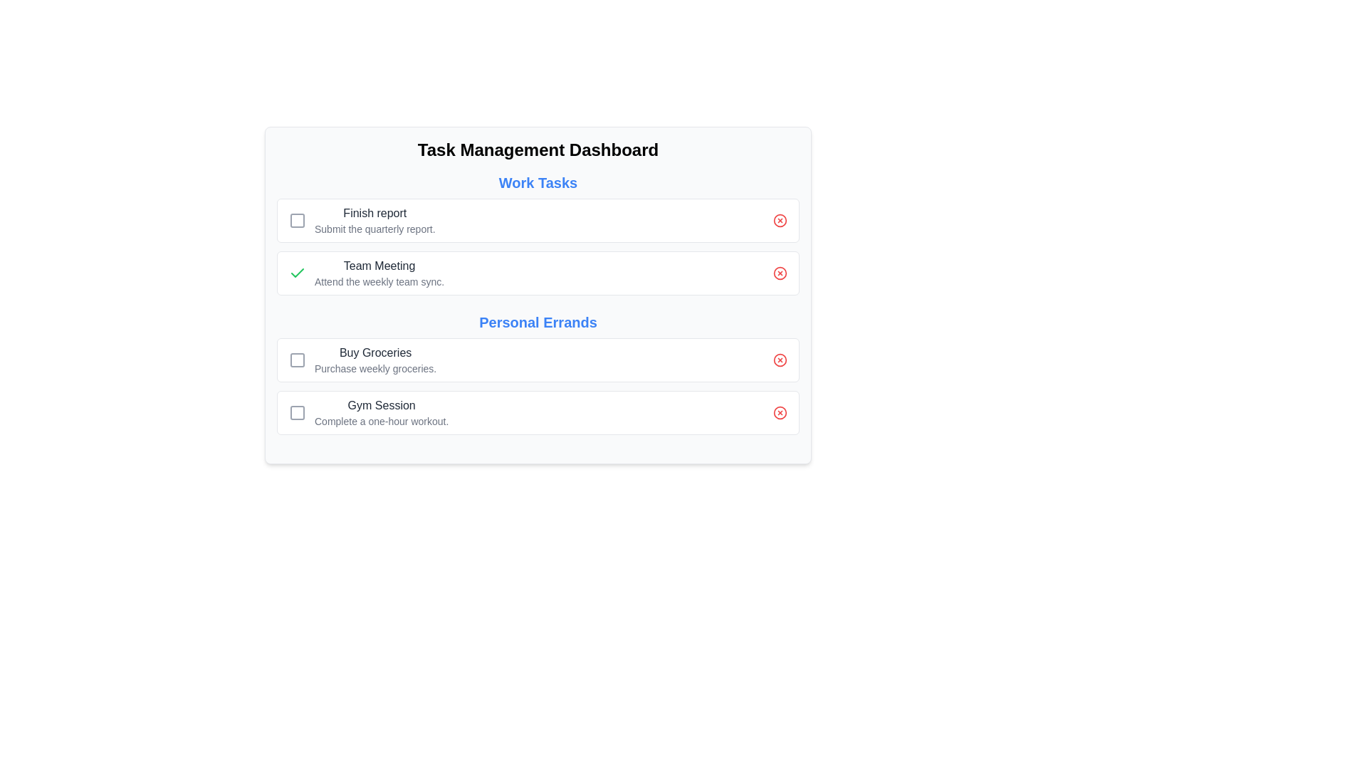 This screenshot has width=1367, height=769. Describe the element at coordinates (362, 359) in the screenshot. I see `task details of the List item titled 'Buy Groceries' with an embedded checkbox and supporting text 'Purchase weekly groceries.'` at that location.